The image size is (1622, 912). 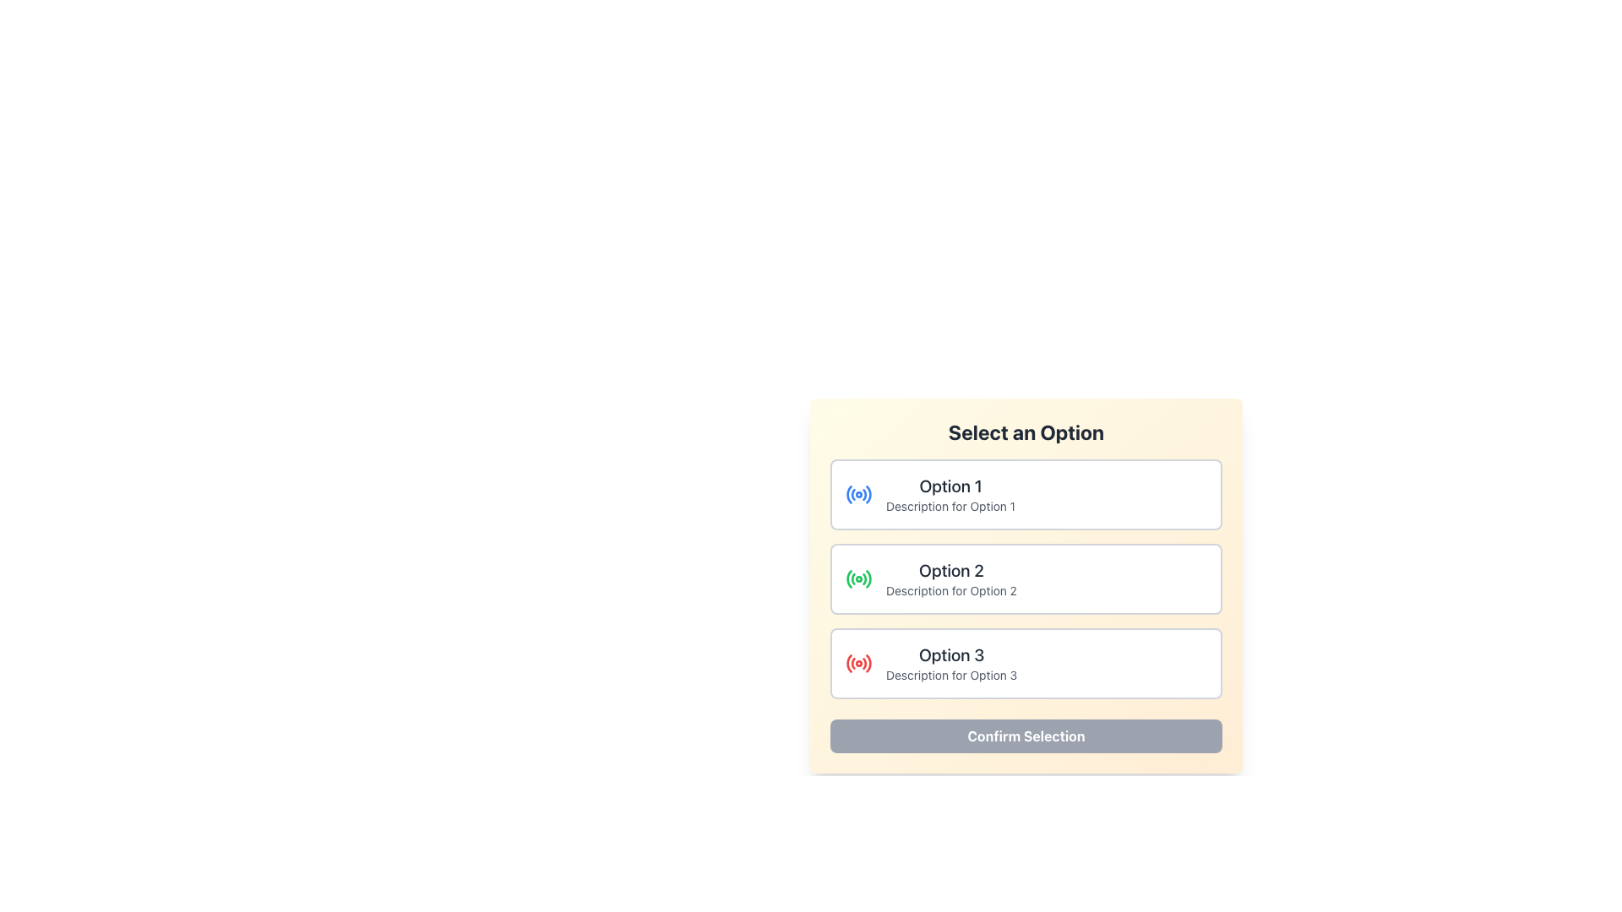 What do you see at coordinates (951, 589) in the screenshot?
I see `text label that says 'Description for Option 2', which is styled in light gray and is positioned below the title 'Option 2'` at bounding box center [951, 589].